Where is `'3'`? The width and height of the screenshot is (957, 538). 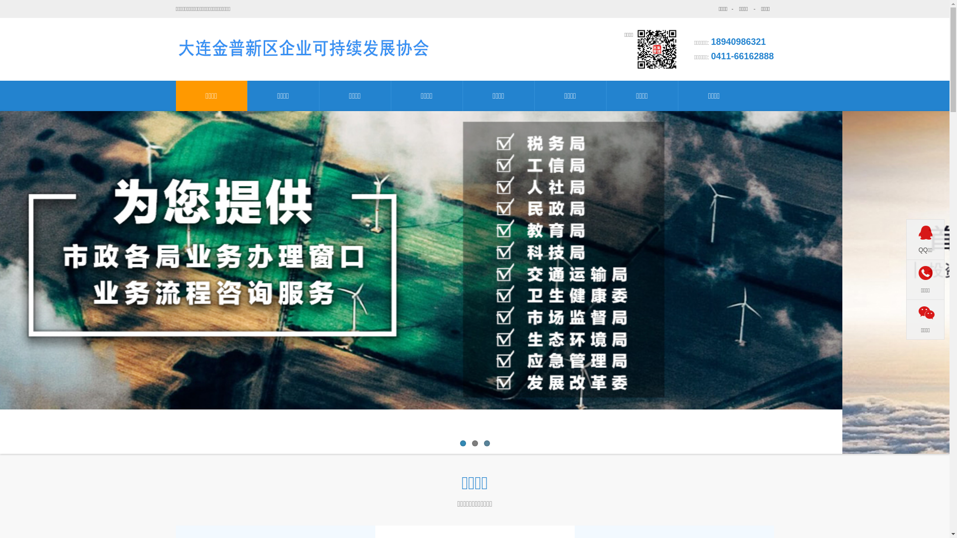 '3' is located at coordinates (486, 443).